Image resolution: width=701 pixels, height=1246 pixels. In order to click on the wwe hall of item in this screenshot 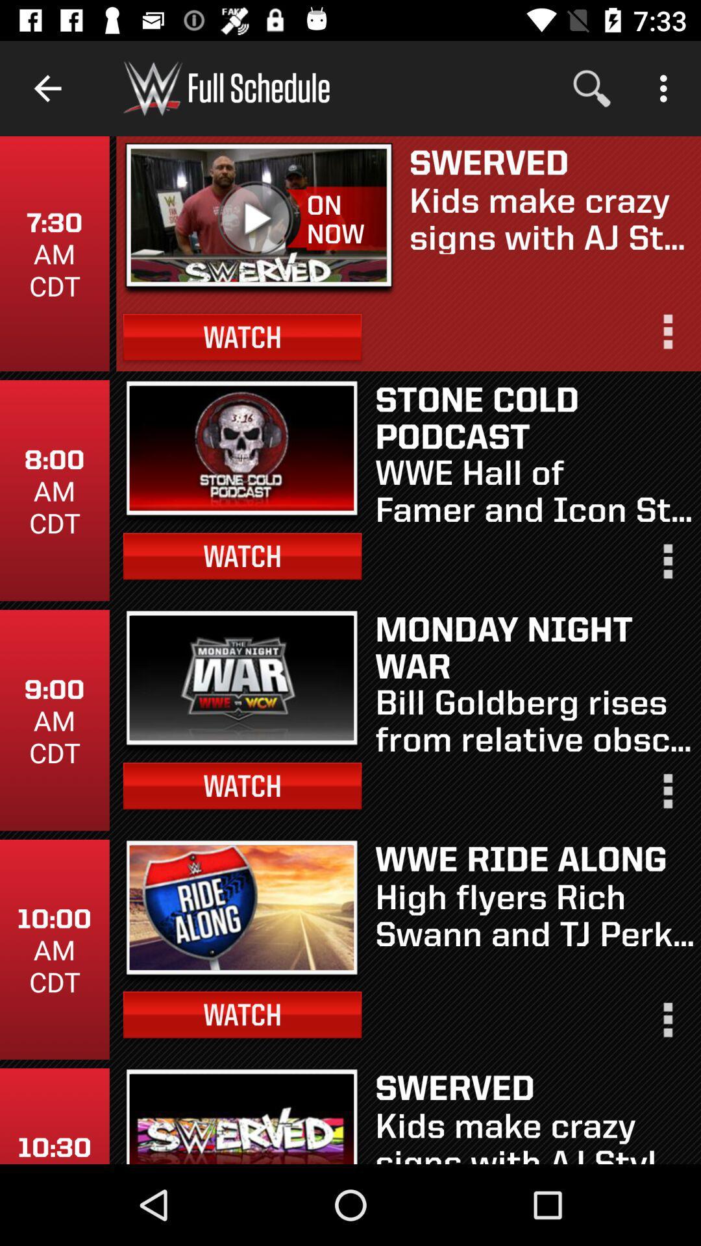, I will do `click(534, 489)`.